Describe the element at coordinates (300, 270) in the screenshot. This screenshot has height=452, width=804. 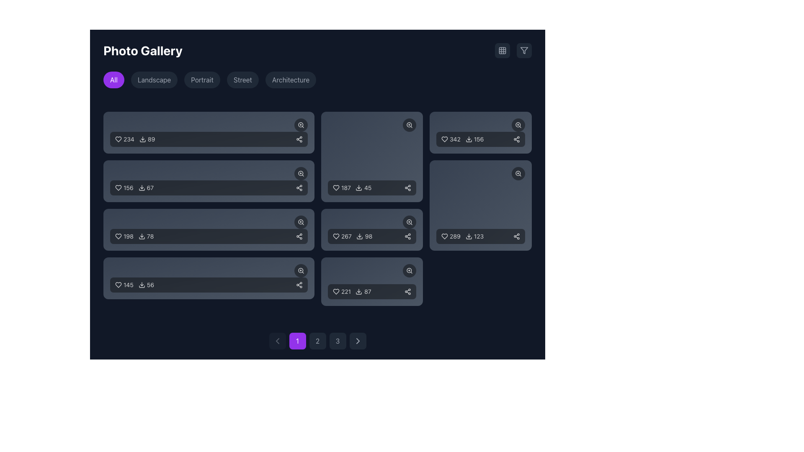
I see `the primary circular graphical component within the magnifying glass icon located in the bottom right corner of the rectangular tile displaying '145' likes and '56' downloads` at that location.